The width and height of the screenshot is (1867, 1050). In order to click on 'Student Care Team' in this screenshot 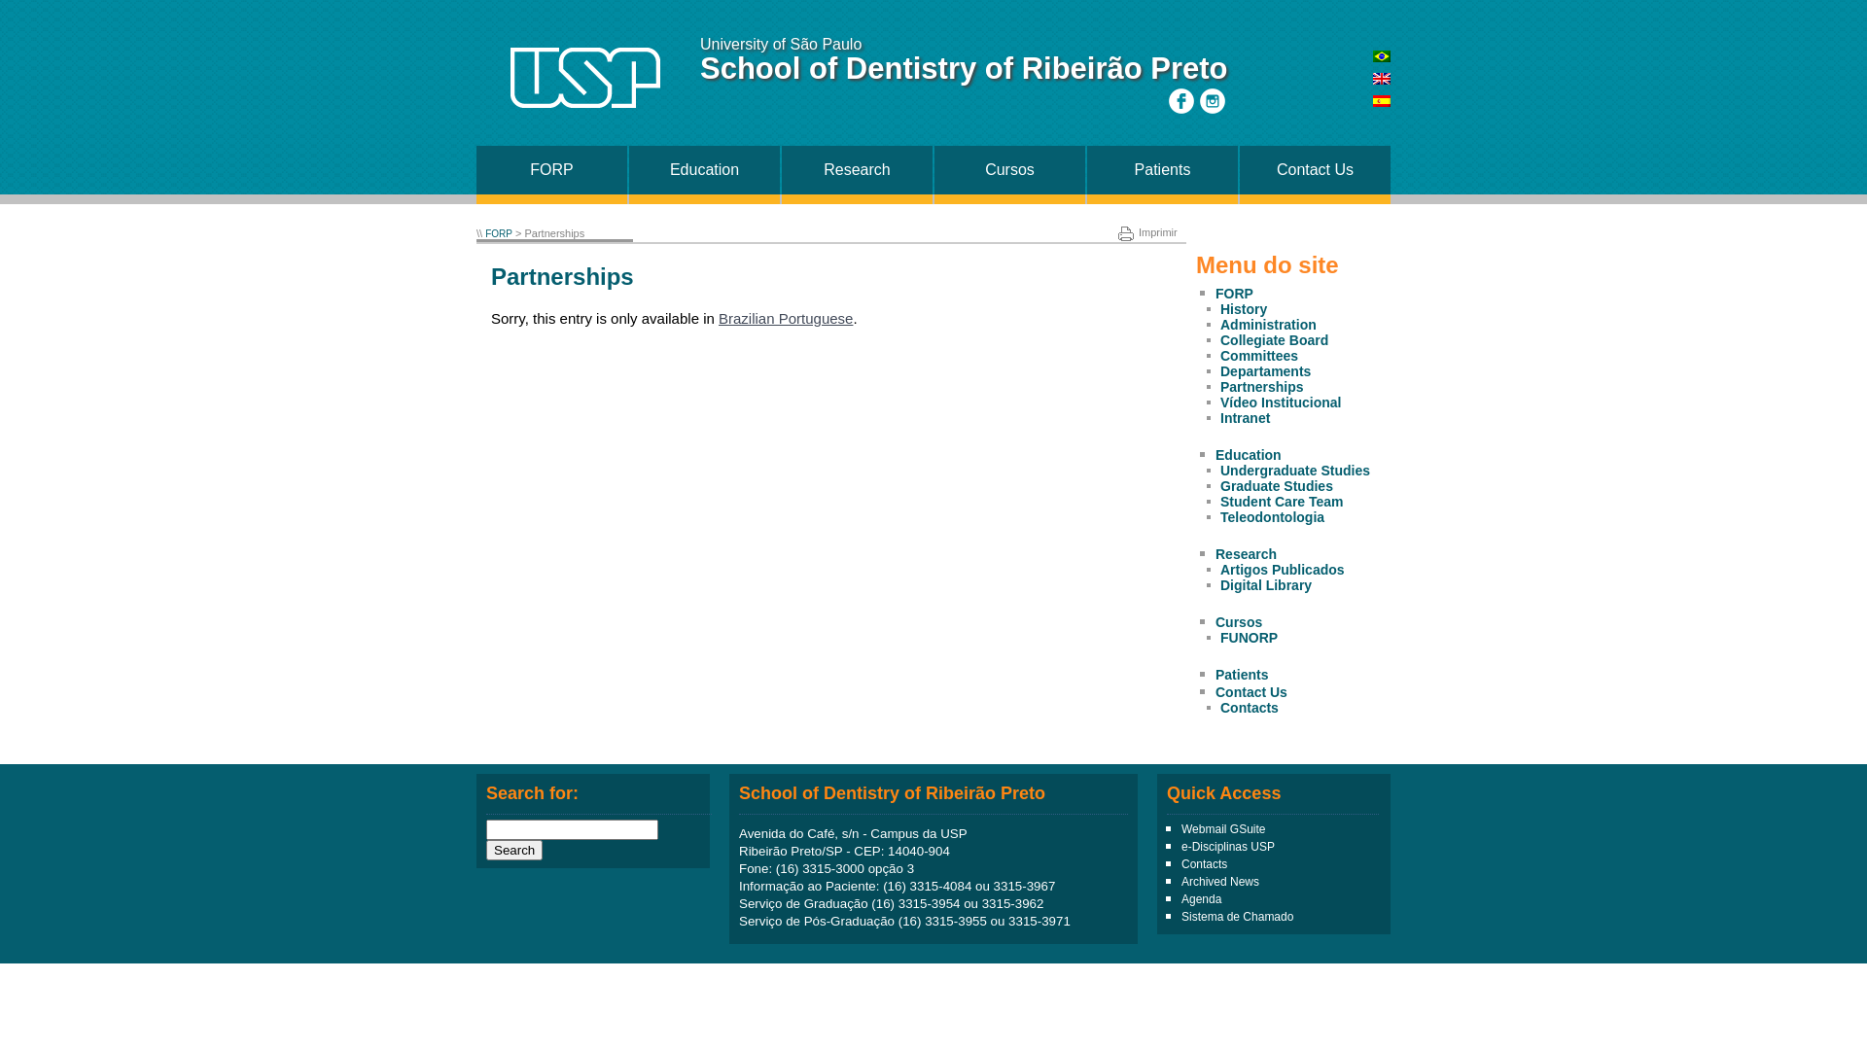, I will do `click(1282, 501)`.